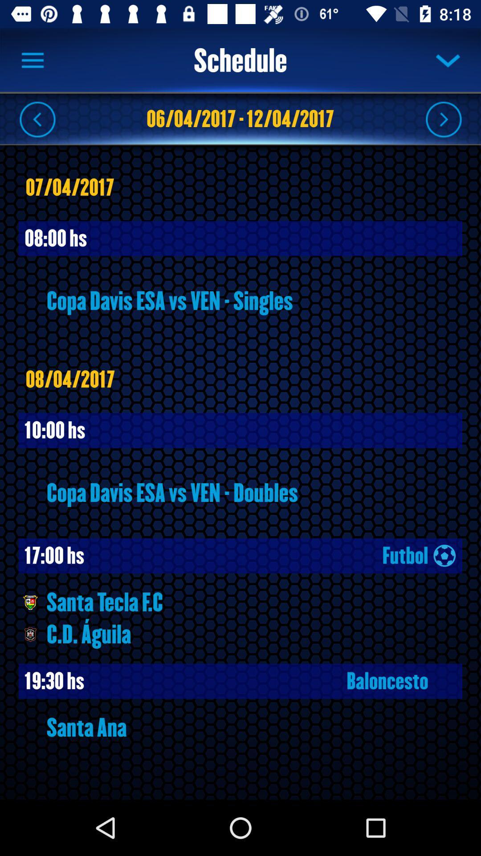 This screenshot has height=856, width=481. Describe the element at coordinates (37, 119) in the screenshot. I see `previous` at that location.